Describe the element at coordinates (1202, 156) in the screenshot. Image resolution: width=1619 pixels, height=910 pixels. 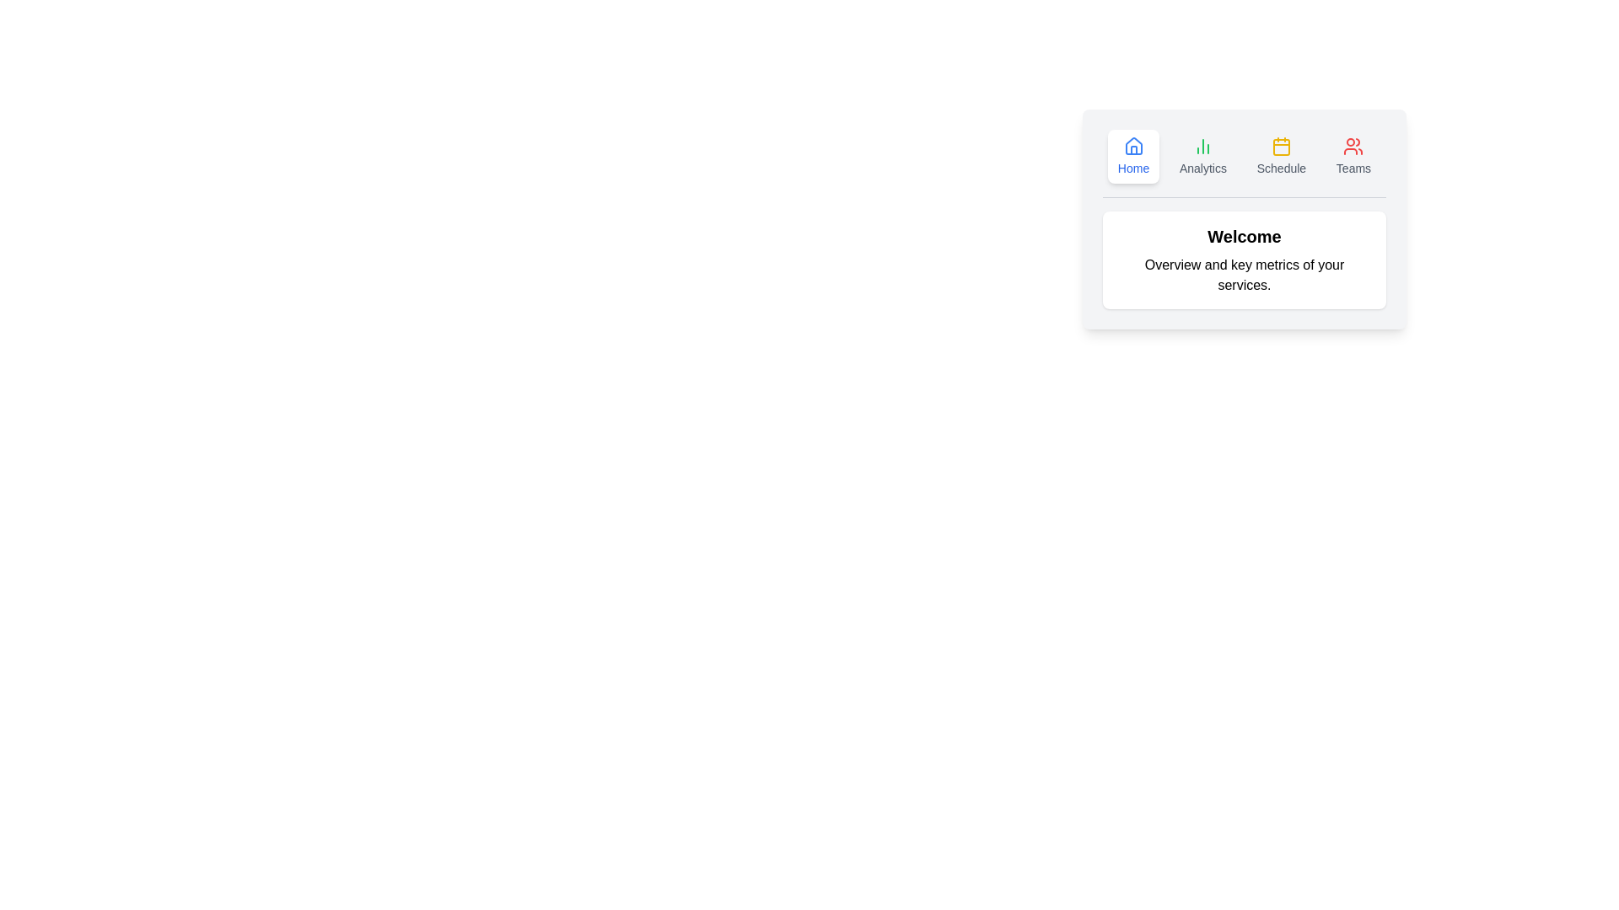
I see `the second navigation button in the bar, which is located between 'Home' and 'Schedule'` at that location.